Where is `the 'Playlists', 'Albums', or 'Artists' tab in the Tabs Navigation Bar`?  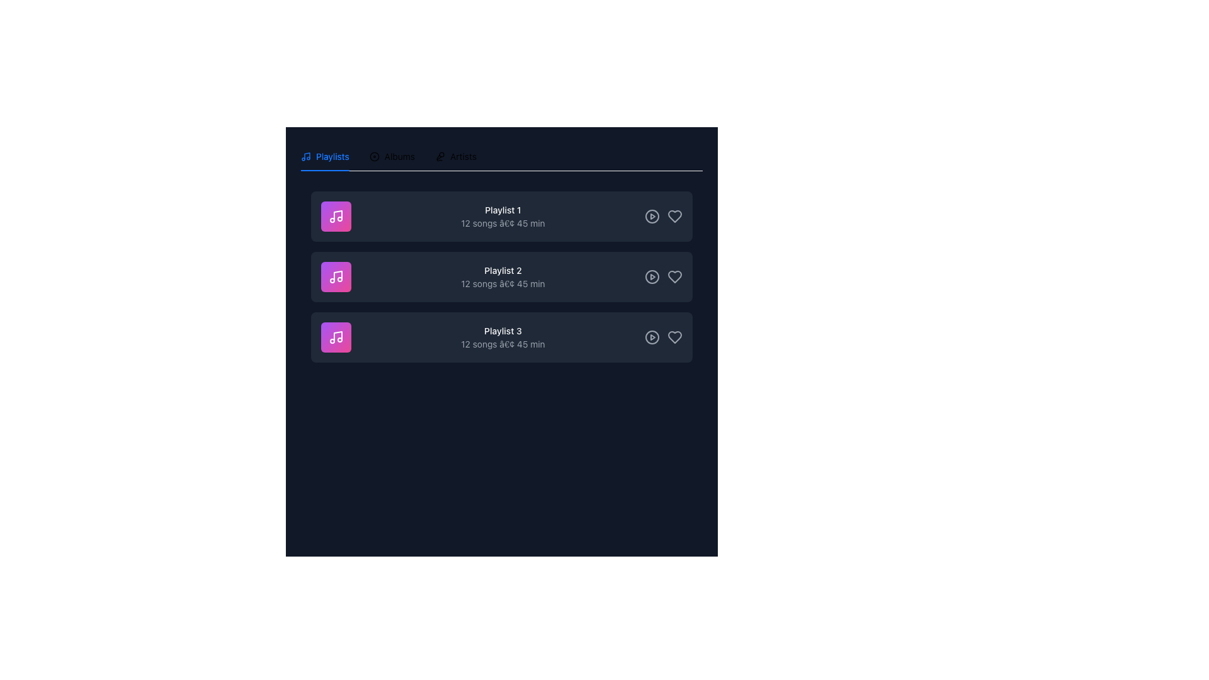 the 'Playlists', 'Albums', or 'Artists' tab in the Tabs Navigation Bar is located at coordinates (388, 156).